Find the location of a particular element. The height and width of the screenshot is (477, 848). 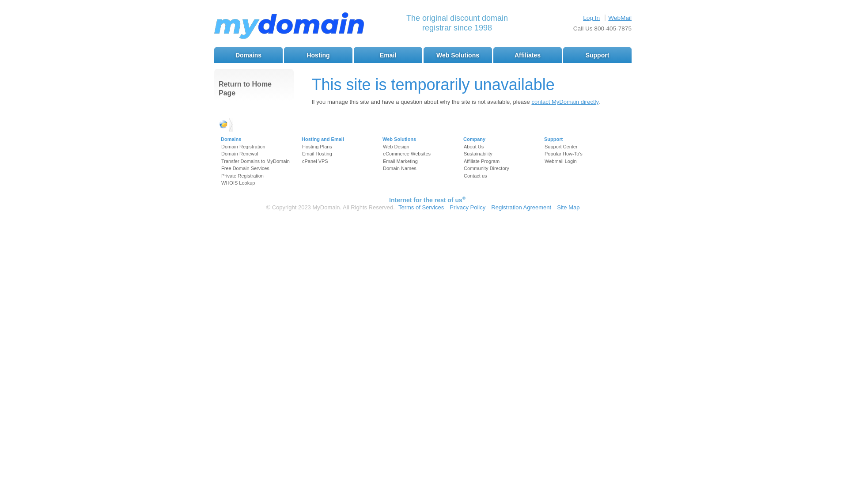

'Transfer Domains to MyDomain' is located at coordinates (255, 161).